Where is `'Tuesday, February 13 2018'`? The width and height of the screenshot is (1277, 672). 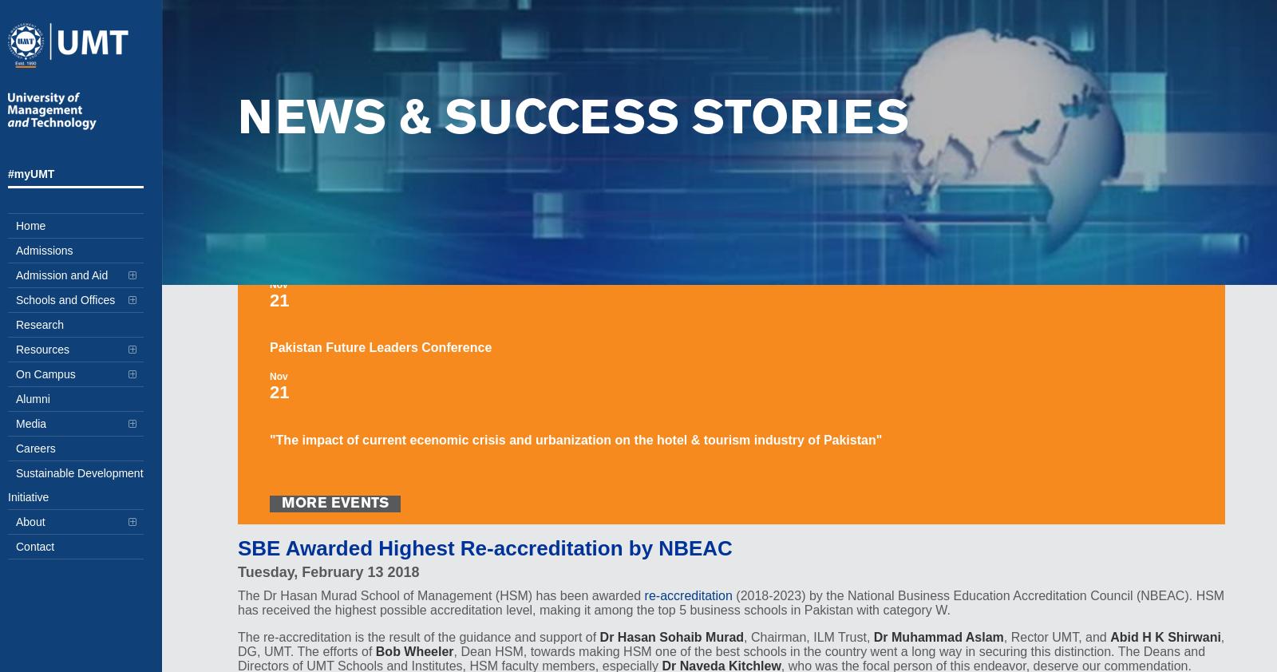
'Tuesday, February 13 2018' is located at coordinates (327, 571).